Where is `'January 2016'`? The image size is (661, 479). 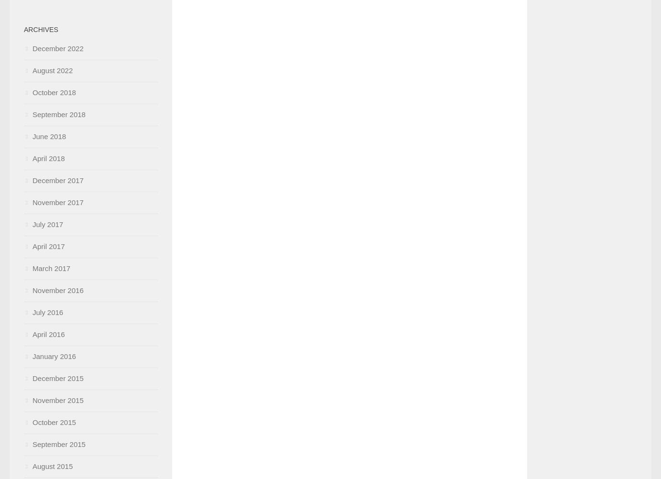 'January 2016' is located at coordinates (32, 356).